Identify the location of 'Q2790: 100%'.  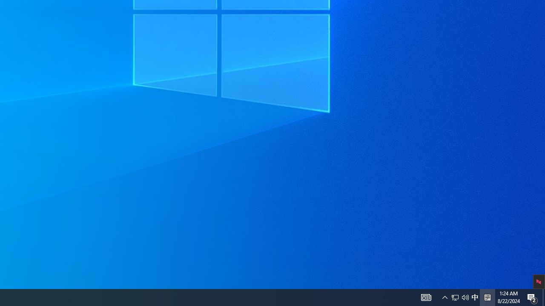
(459, 297).